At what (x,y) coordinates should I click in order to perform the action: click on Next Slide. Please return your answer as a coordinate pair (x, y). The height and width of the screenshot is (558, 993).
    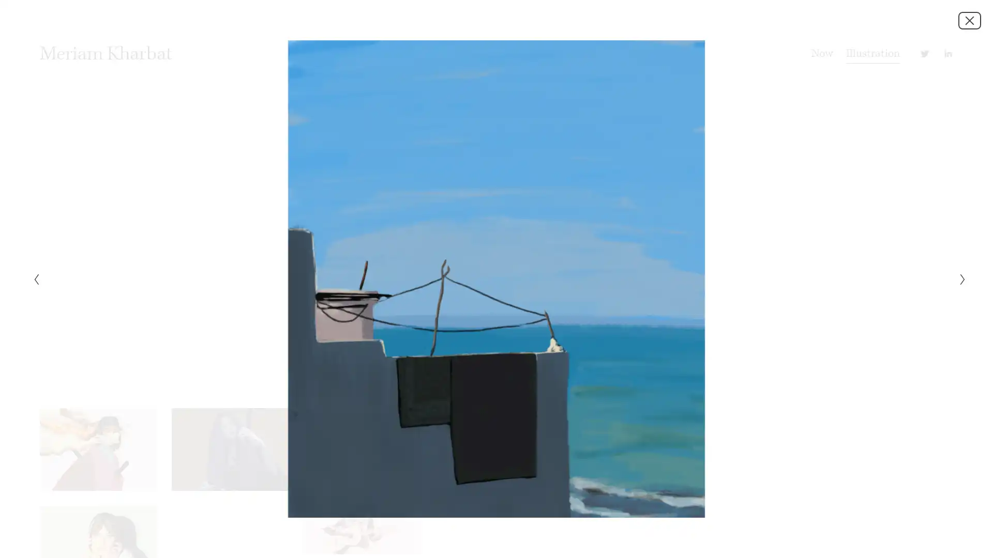
    Looking at the image, I should click on (959, 279).